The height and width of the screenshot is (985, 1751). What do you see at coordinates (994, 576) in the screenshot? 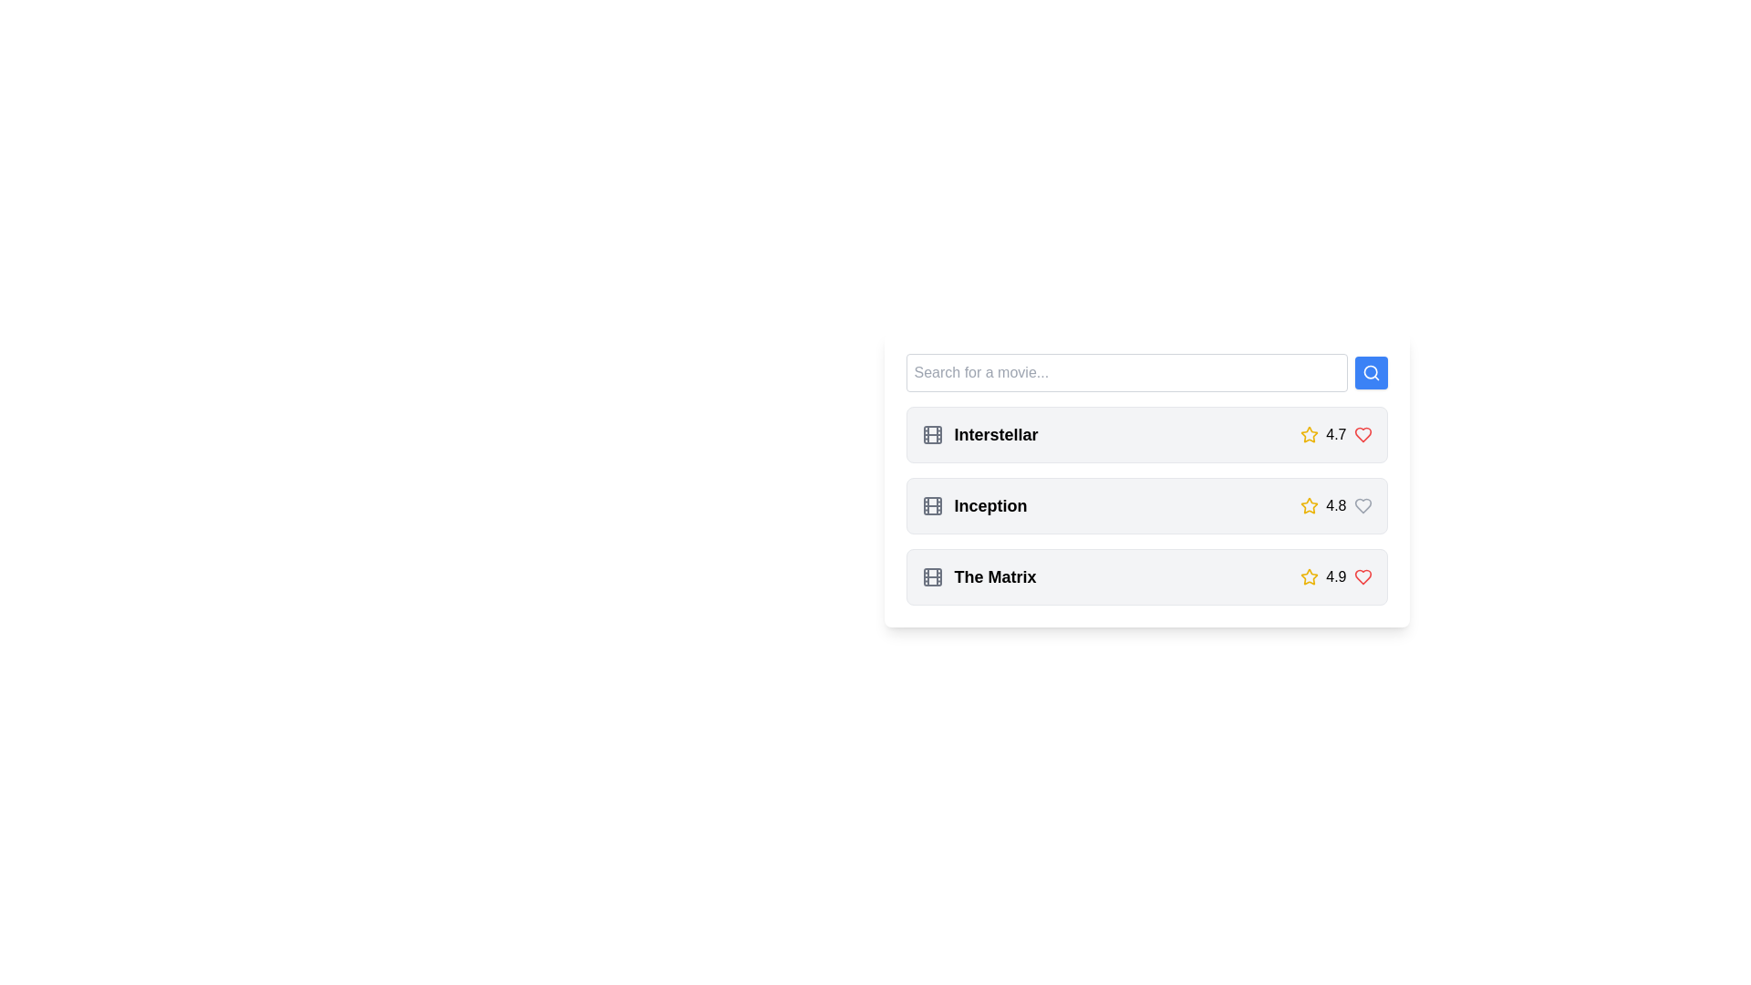
I see `the stylized label text reading 'The Matrix', which is centrally aligned in the third row of movie entries under the search bar` at bounding box center [994, 576].